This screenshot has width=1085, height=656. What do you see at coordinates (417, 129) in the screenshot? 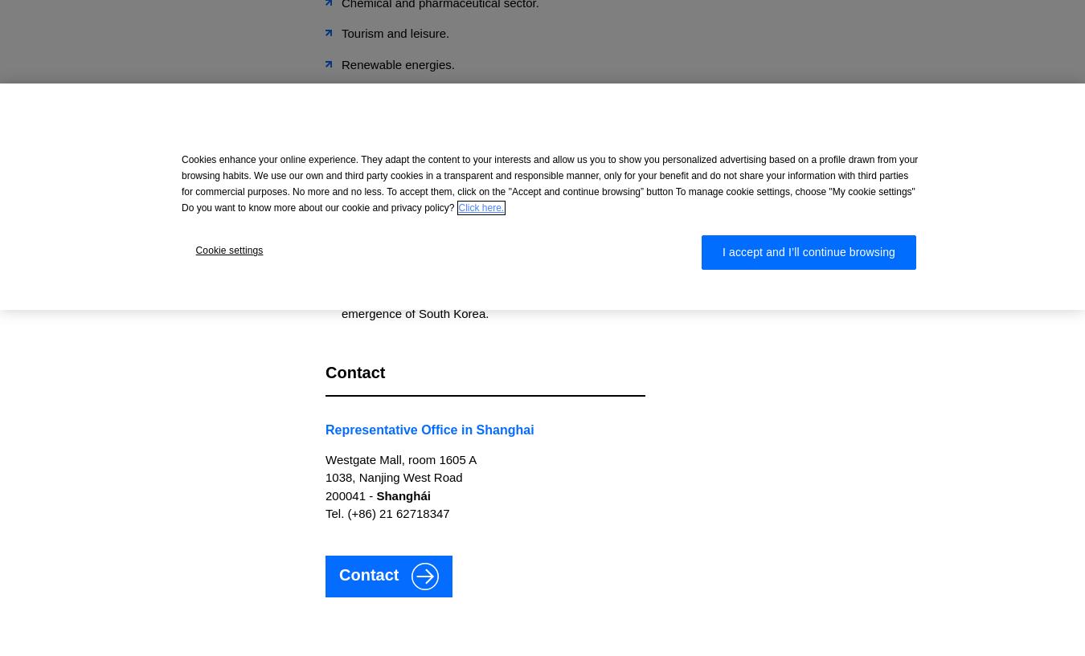
I see `'Slowly but surely expanding.'` at bounding box center [417, 129].